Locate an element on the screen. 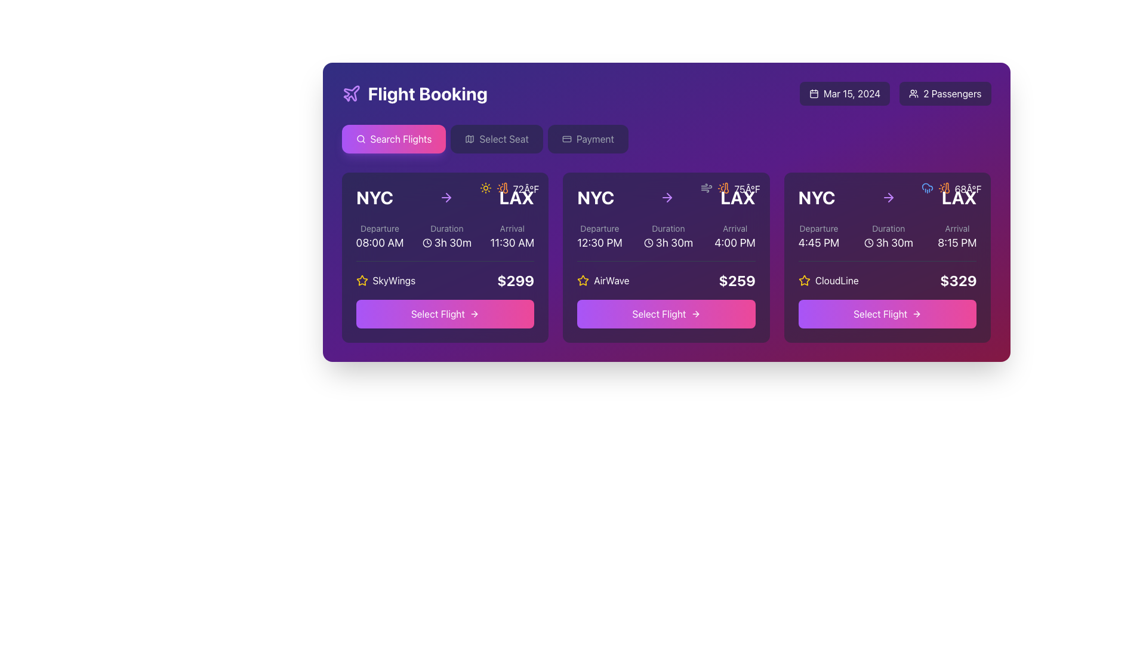 This screenshot has width=1146, height=645. the bold, large white text label displaying 'NYC' located in the top-left area of the middle flight option card is located at coordinates (596, 197).